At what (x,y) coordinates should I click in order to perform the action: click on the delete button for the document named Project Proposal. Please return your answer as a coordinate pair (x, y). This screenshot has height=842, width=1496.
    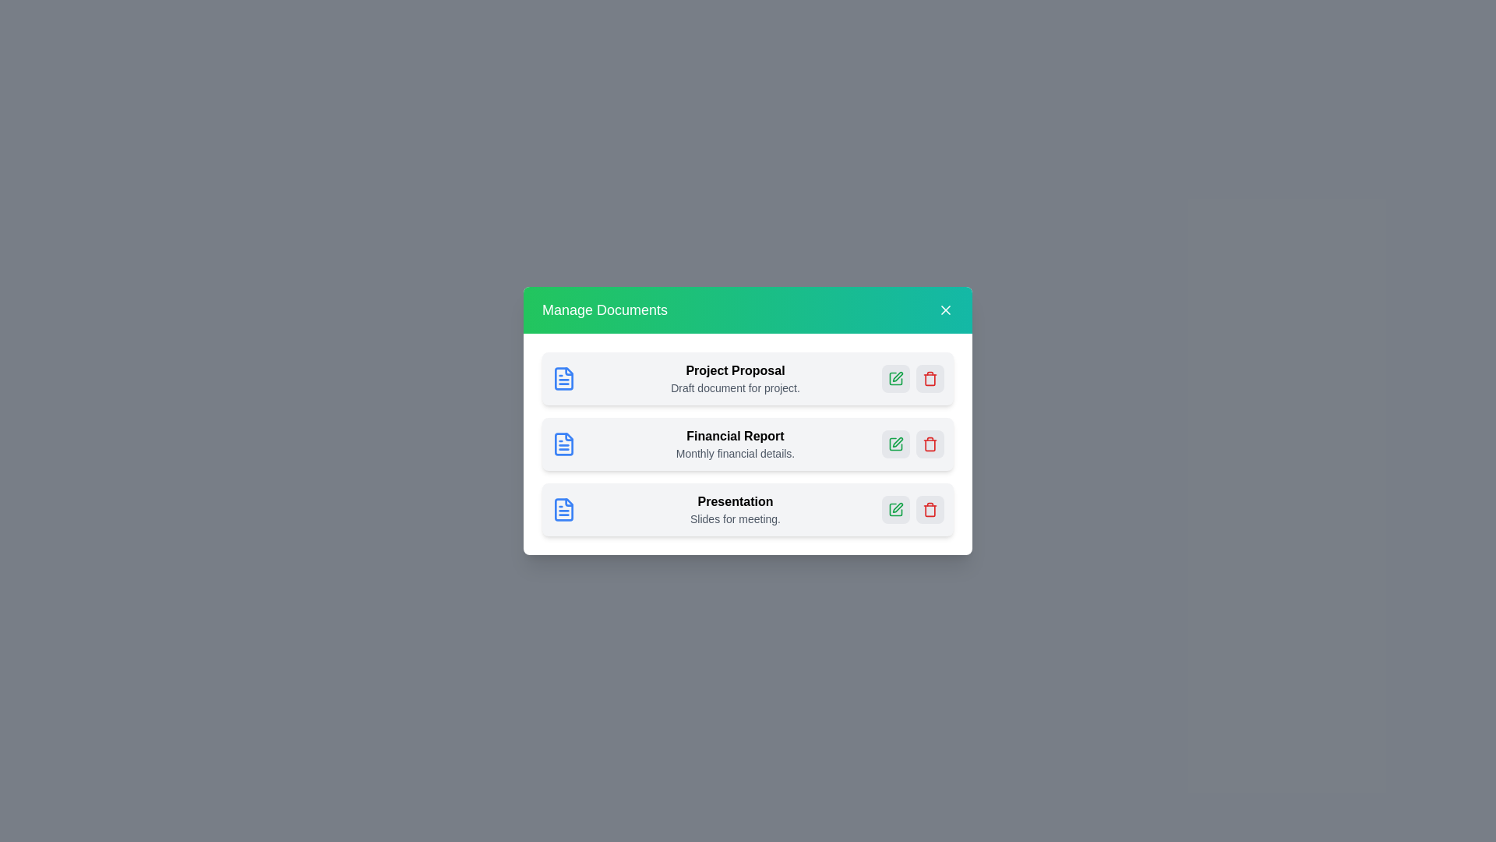
    Looking at the image, I should click on (930, 379).